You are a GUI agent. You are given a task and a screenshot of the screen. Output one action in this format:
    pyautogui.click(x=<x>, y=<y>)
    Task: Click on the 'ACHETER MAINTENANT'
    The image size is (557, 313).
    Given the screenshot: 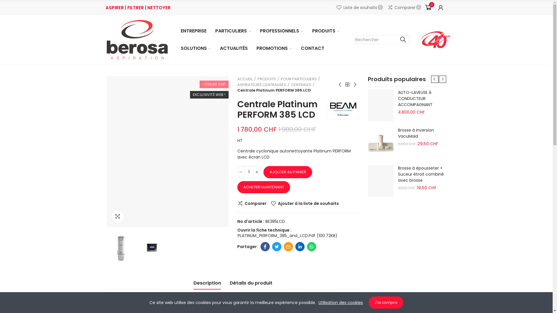 What is the action you would take?
    pyautogui.click(x=263, y=187)
    